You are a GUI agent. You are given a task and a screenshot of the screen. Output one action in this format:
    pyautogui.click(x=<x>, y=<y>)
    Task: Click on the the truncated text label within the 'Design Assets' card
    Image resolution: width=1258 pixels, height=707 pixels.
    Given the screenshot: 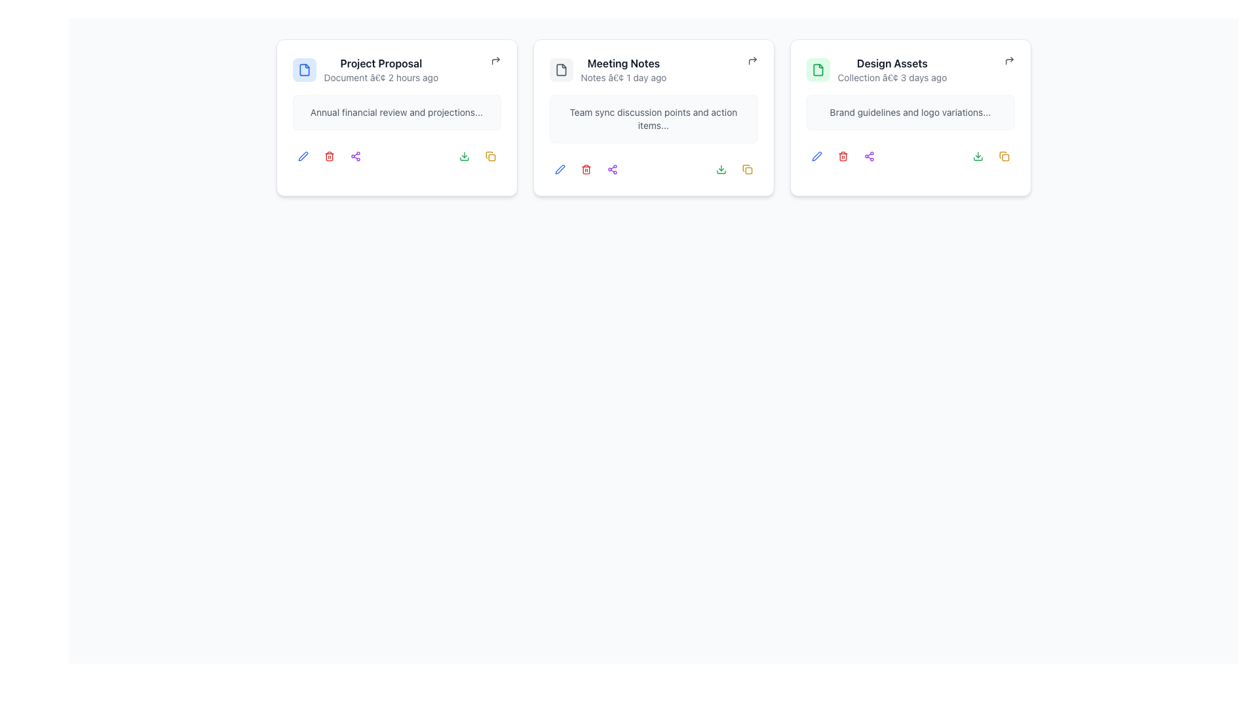 What is the action you would take?
    pyautogui.click(x=909, y=112)
    